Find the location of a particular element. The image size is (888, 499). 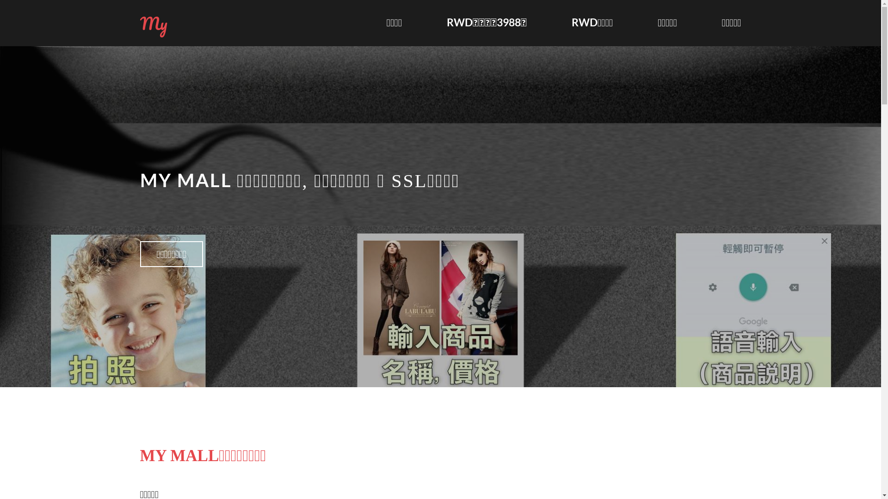

'My' is located at coordinates (153, 23).